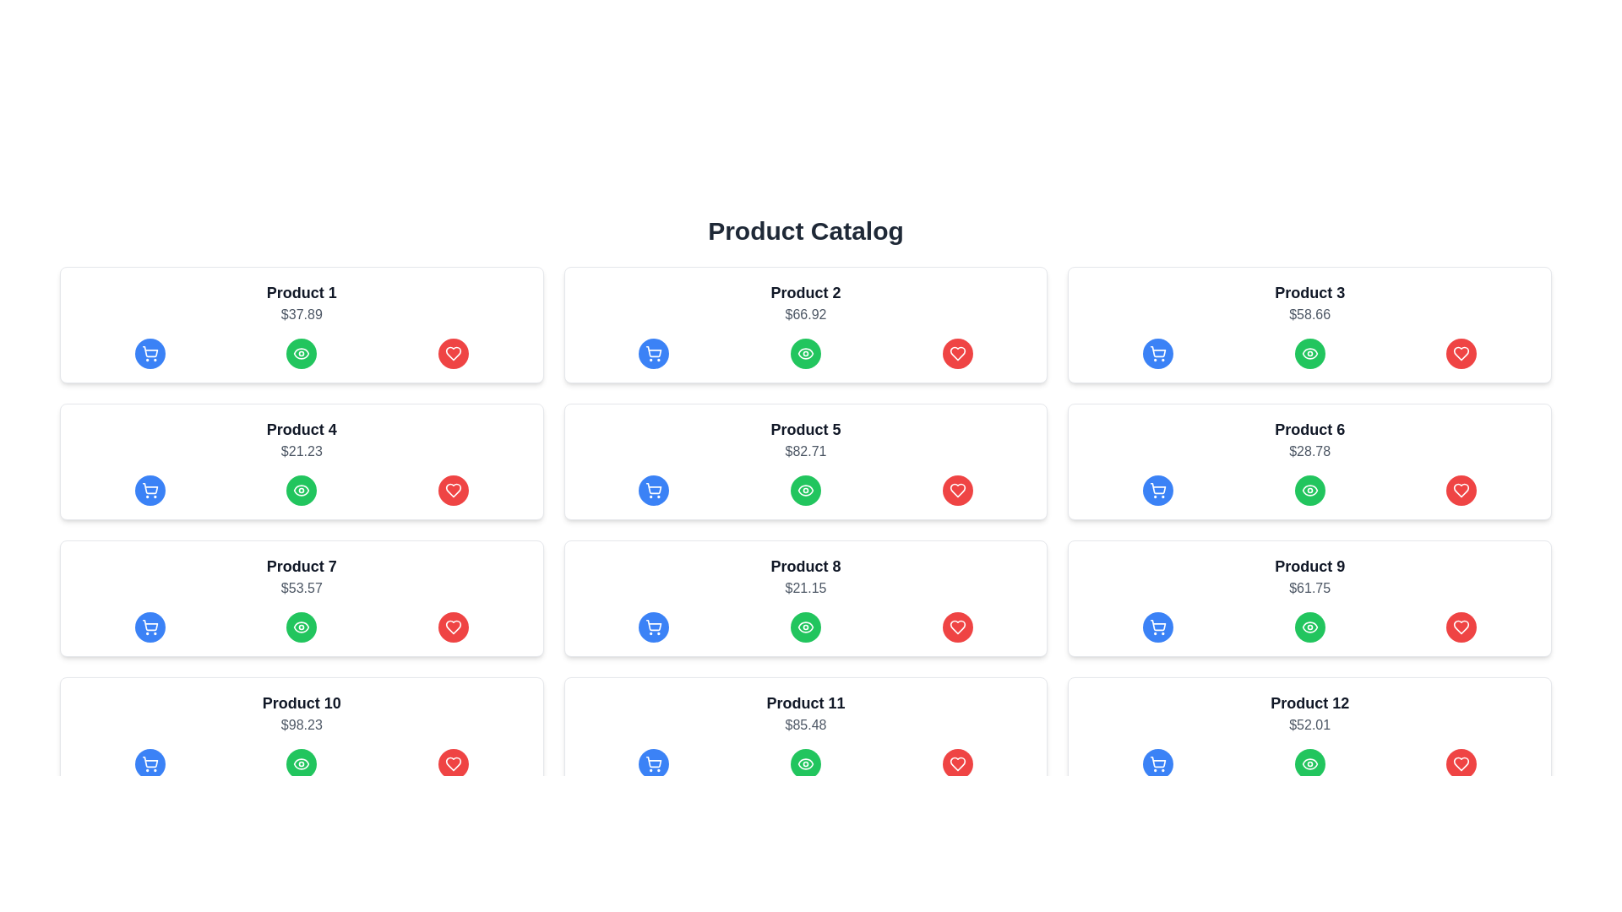 The image size is (1622, 912). I want to click on the blue circular button for 'Product 5', so click(653, 491).